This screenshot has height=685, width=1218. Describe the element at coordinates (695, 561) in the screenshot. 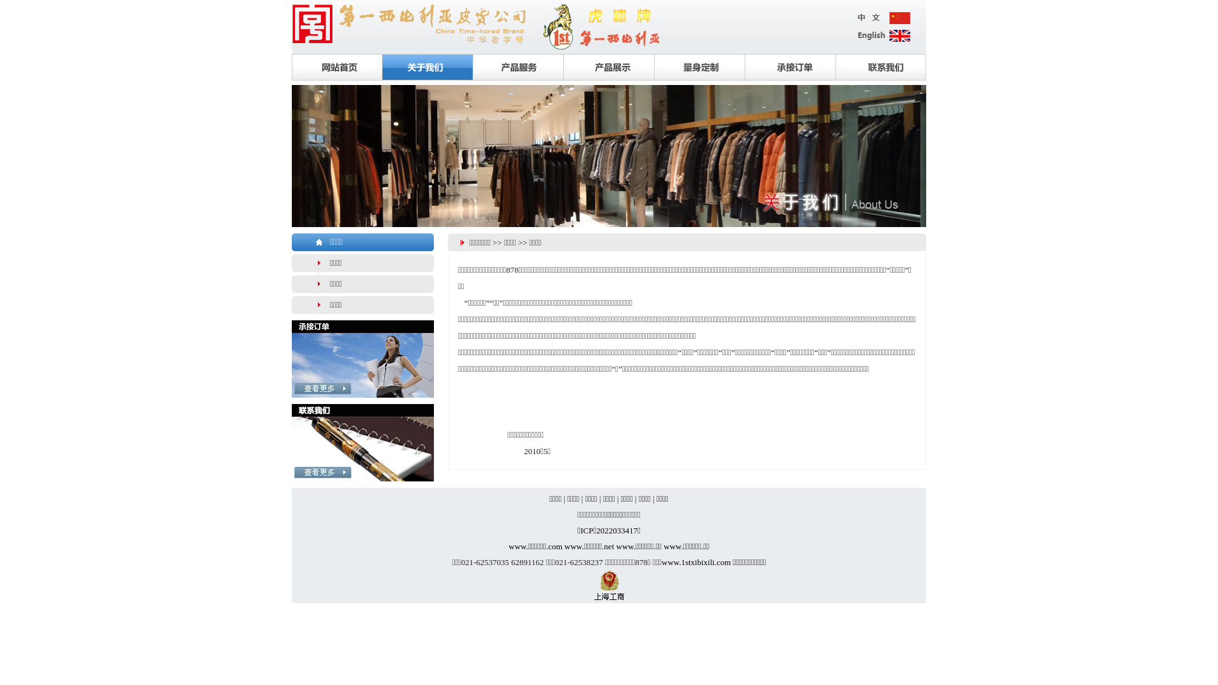

I see `'www.1stxibixili.com'` at that location.